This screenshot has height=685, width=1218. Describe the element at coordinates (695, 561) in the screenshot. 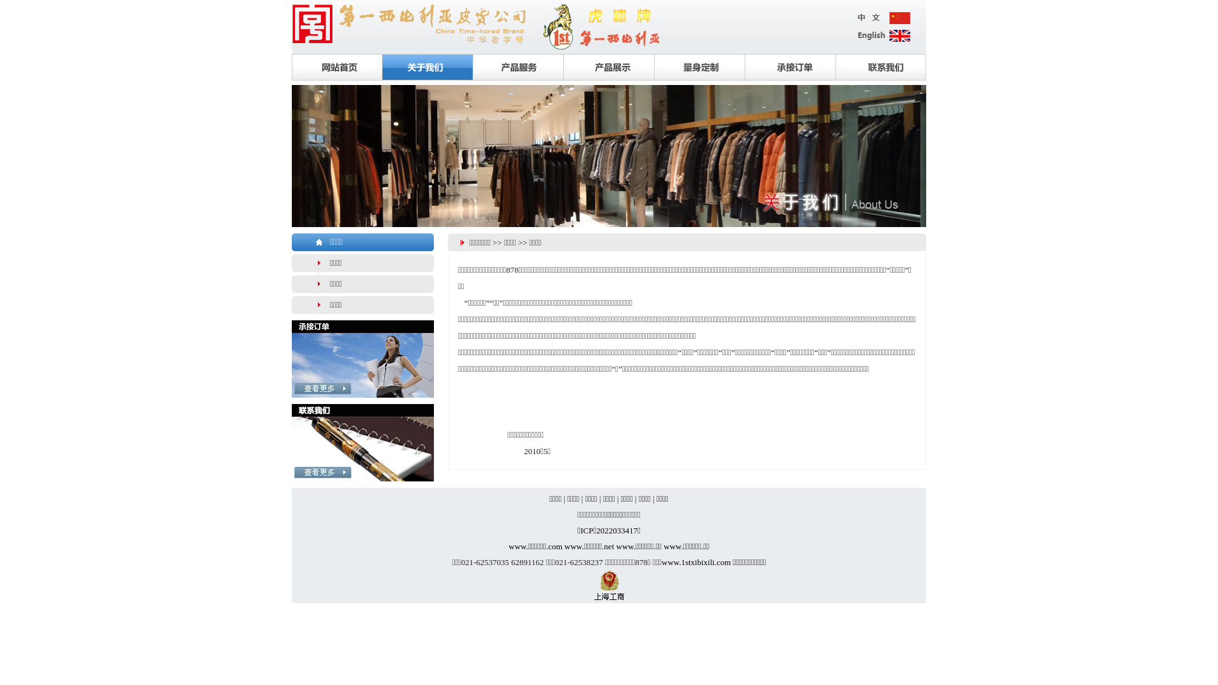

I see `'www.1stxibixili.com'` at that location.